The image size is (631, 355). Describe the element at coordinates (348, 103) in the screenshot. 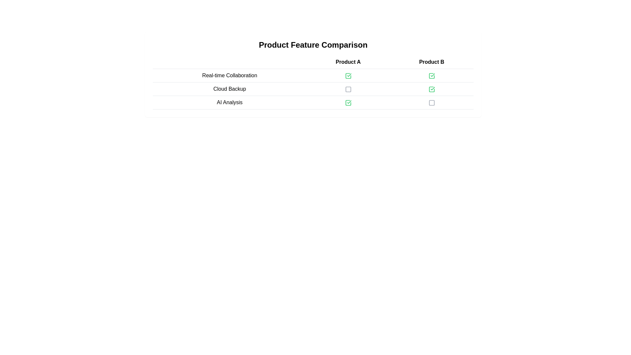

I see `the checkbox that indicates the availability of the 'AI Analysis' feature for 'Product A' in the third row of the comparison table` at that location.